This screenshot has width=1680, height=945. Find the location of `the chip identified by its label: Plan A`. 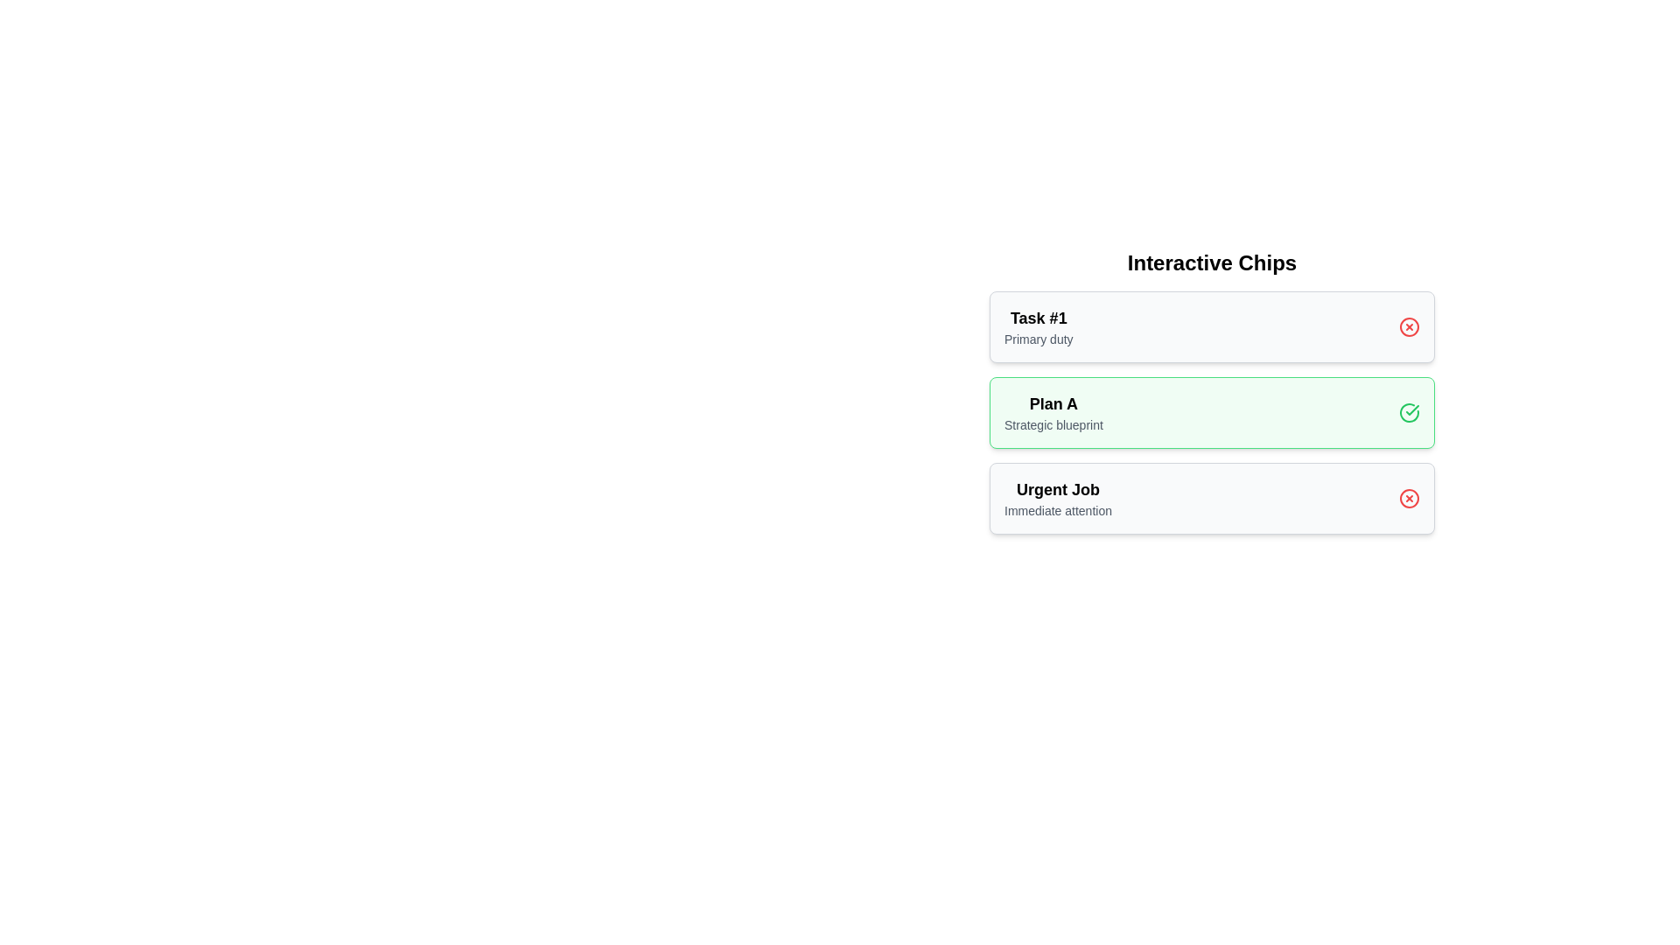

the chip identified by its label: Plan A is located at coordinates (1410, 412).